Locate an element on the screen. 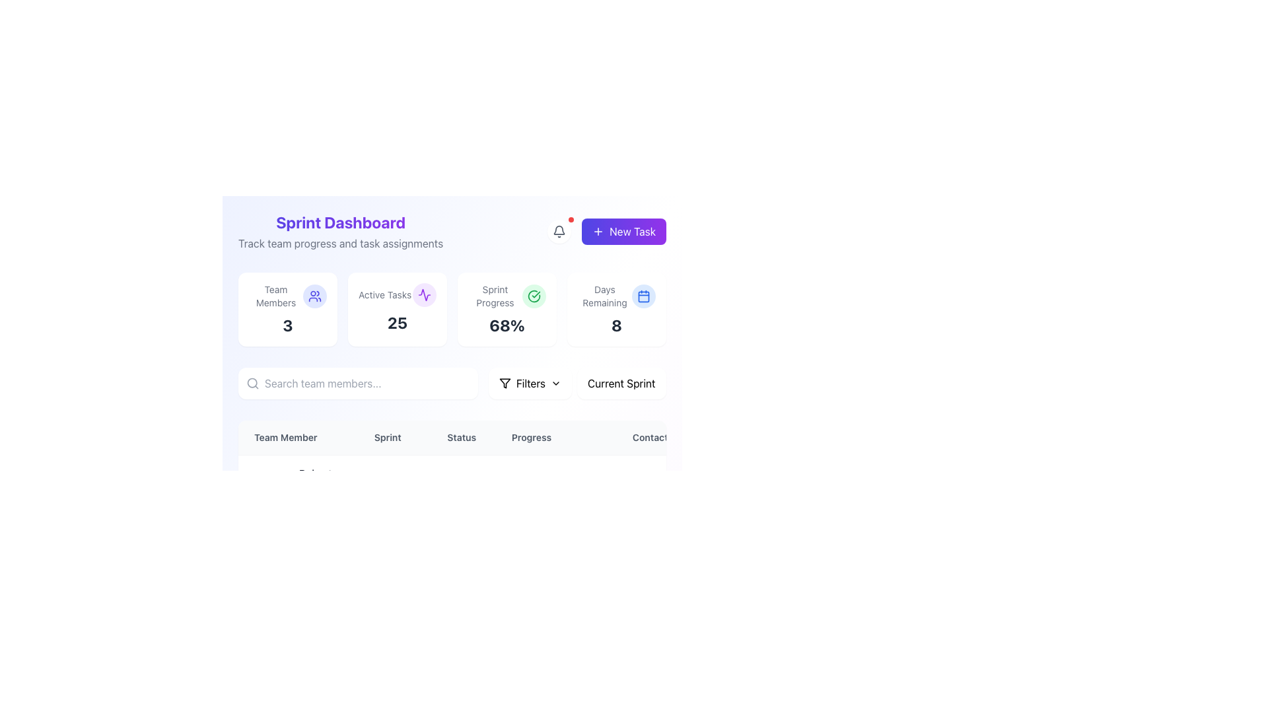  the icon located in the top-right corner of the 'Days Remaining' section in the Sprint Dashboard interface, which visually represents the 'Days Remaining' statistic is located at coordinates (643, 295).